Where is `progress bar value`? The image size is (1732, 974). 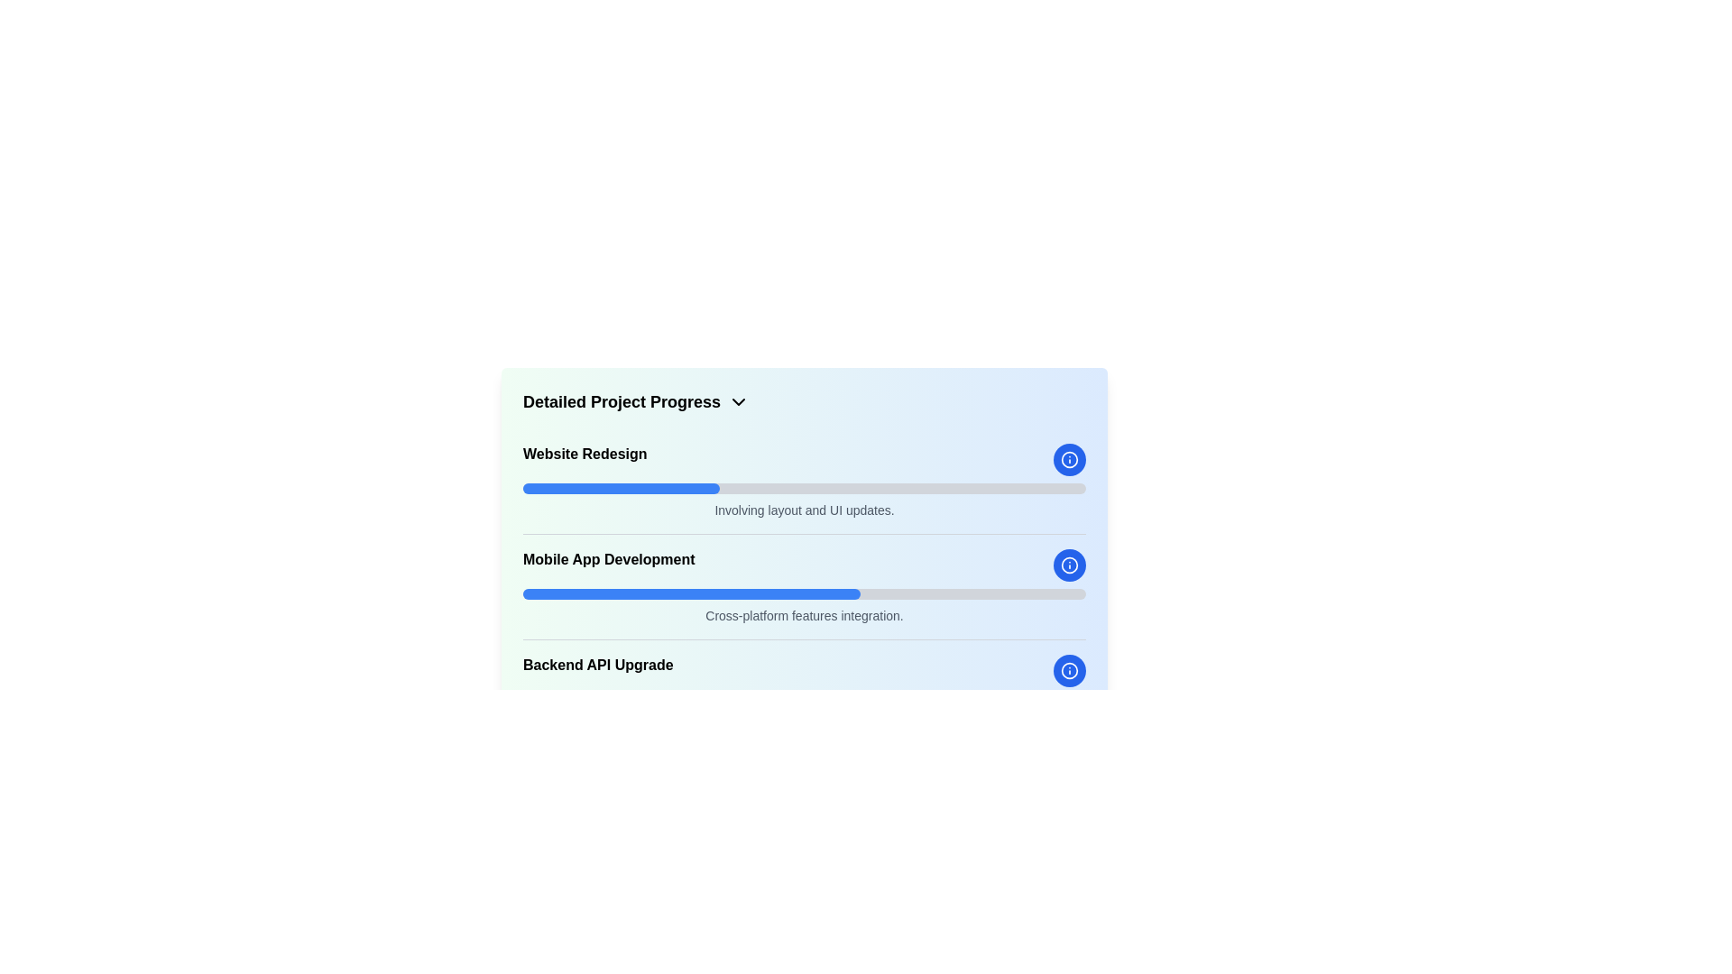
progress bar value is located at coordinates (737, 594).